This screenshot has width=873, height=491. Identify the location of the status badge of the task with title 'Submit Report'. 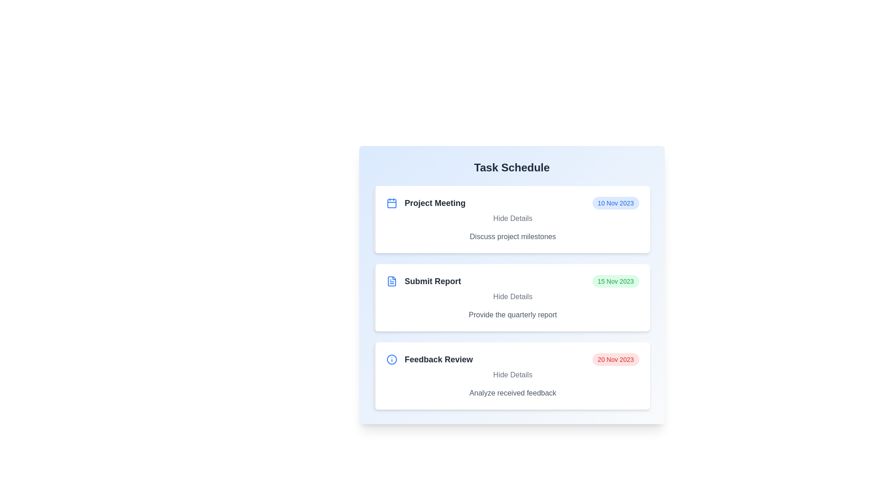
(616, 281).